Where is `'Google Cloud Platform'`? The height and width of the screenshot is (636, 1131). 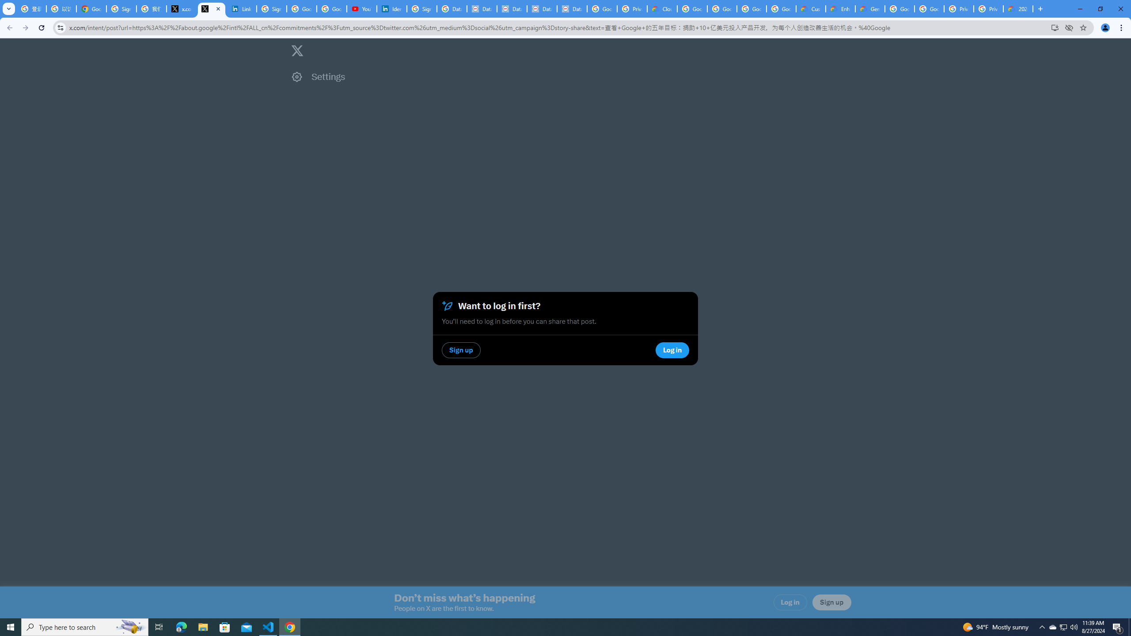 'Google Cloud Platform' is located at coordinates (899, 8).